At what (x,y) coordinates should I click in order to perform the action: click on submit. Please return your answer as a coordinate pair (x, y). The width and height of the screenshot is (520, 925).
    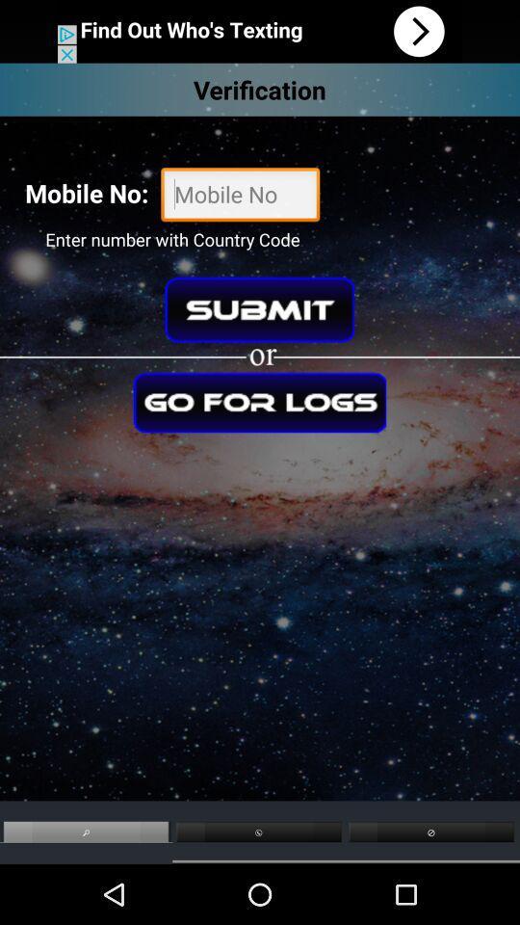
    Looking at the image, I should click on (259, 309).